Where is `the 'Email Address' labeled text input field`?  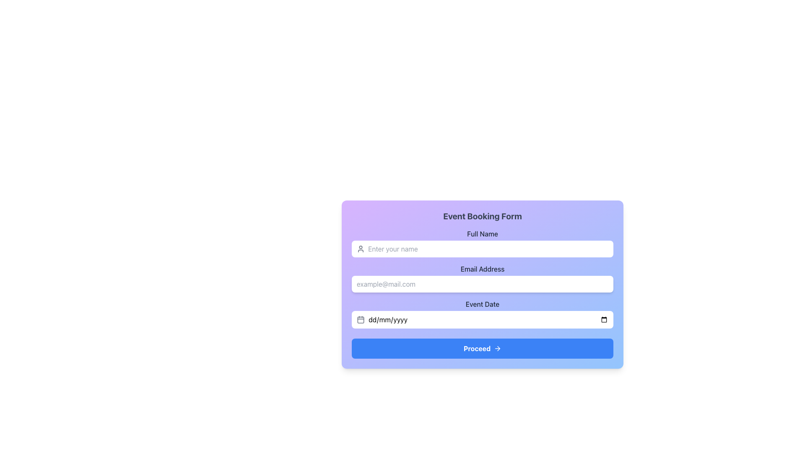 the 'Email Address' labeled text input field is located at coordinates (483, 278).